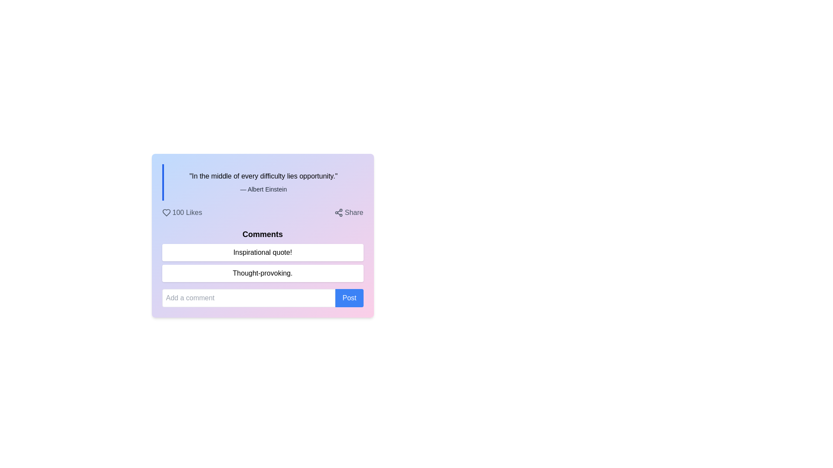  What do you see at coordinates (262, 252) in the screenshot?
I see `the static text display box that shows comments related to the post, positioned below the 'Comments' heading` at bounding box center [262, 252].